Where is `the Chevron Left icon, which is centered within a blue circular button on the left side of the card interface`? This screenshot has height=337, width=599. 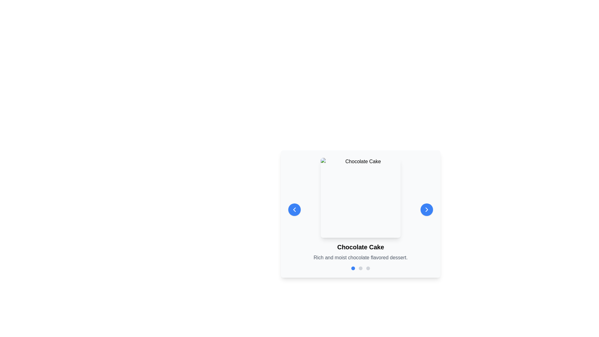 the Chevron Left icon, which is centered within a blue circular button on the left side of the card interface is located at coordinates (294, 209).